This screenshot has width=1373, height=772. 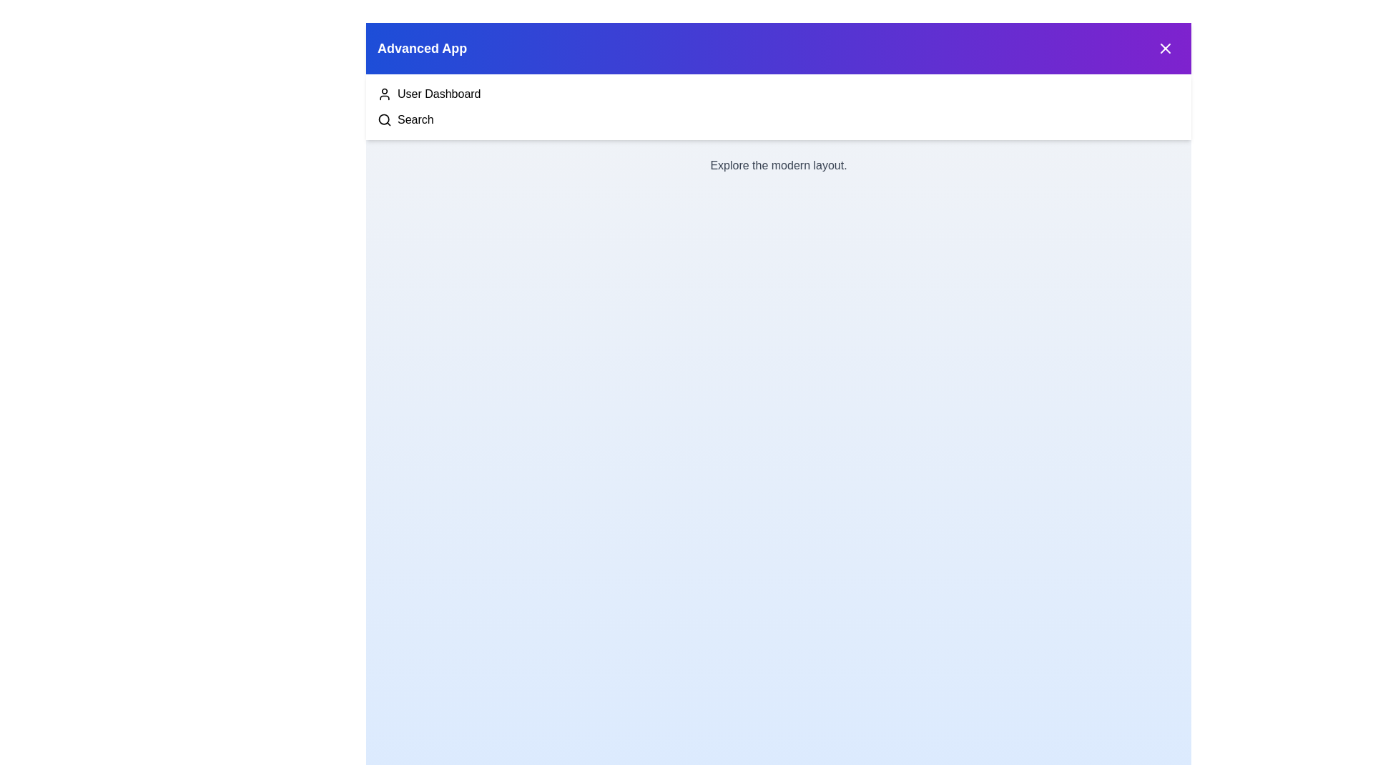 What do you see at coordinates (1166, 48) in the screenshot?
I see `button at the top-right corner of the app bar to toggle the menu` at bounding box center [1166, 48].